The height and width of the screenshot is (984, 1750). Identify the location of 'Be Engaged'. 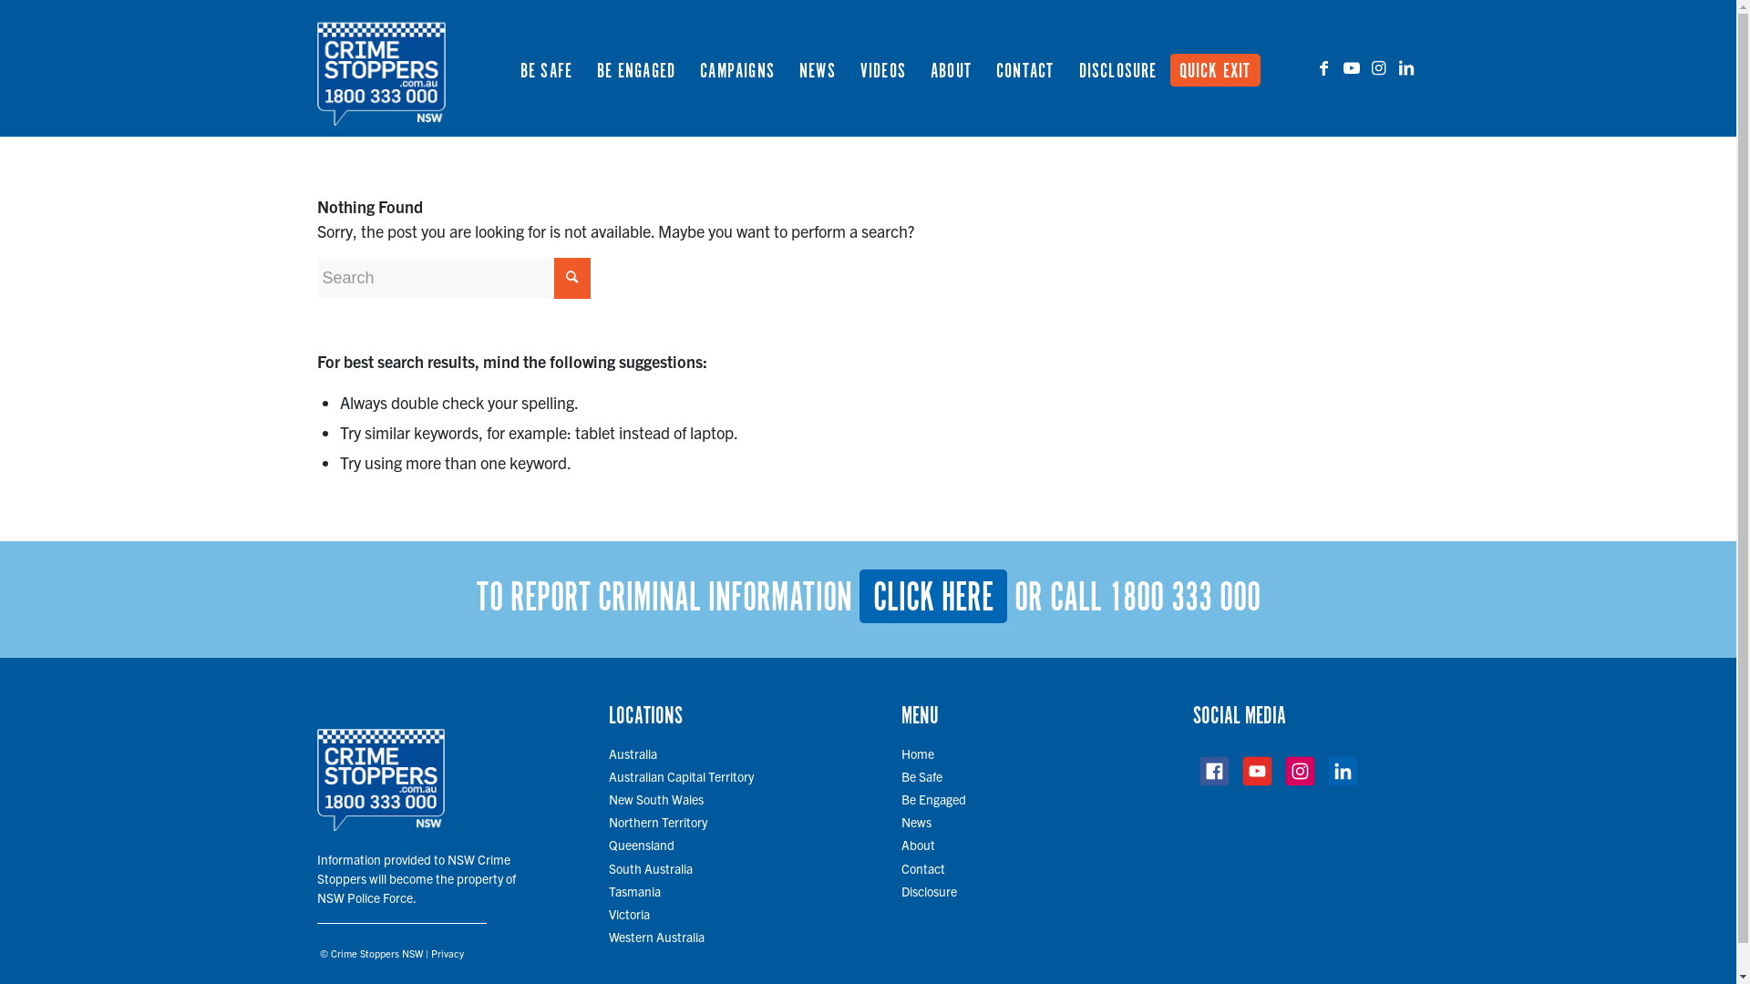
(933, 797).